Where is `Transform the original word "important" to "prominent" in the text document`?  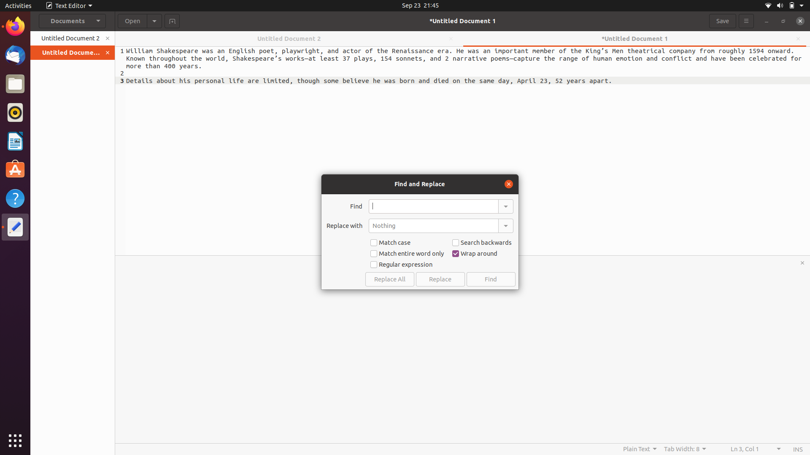 Transform the original word "important" to "prominent" in the text document is located at coordinates (433, 206).